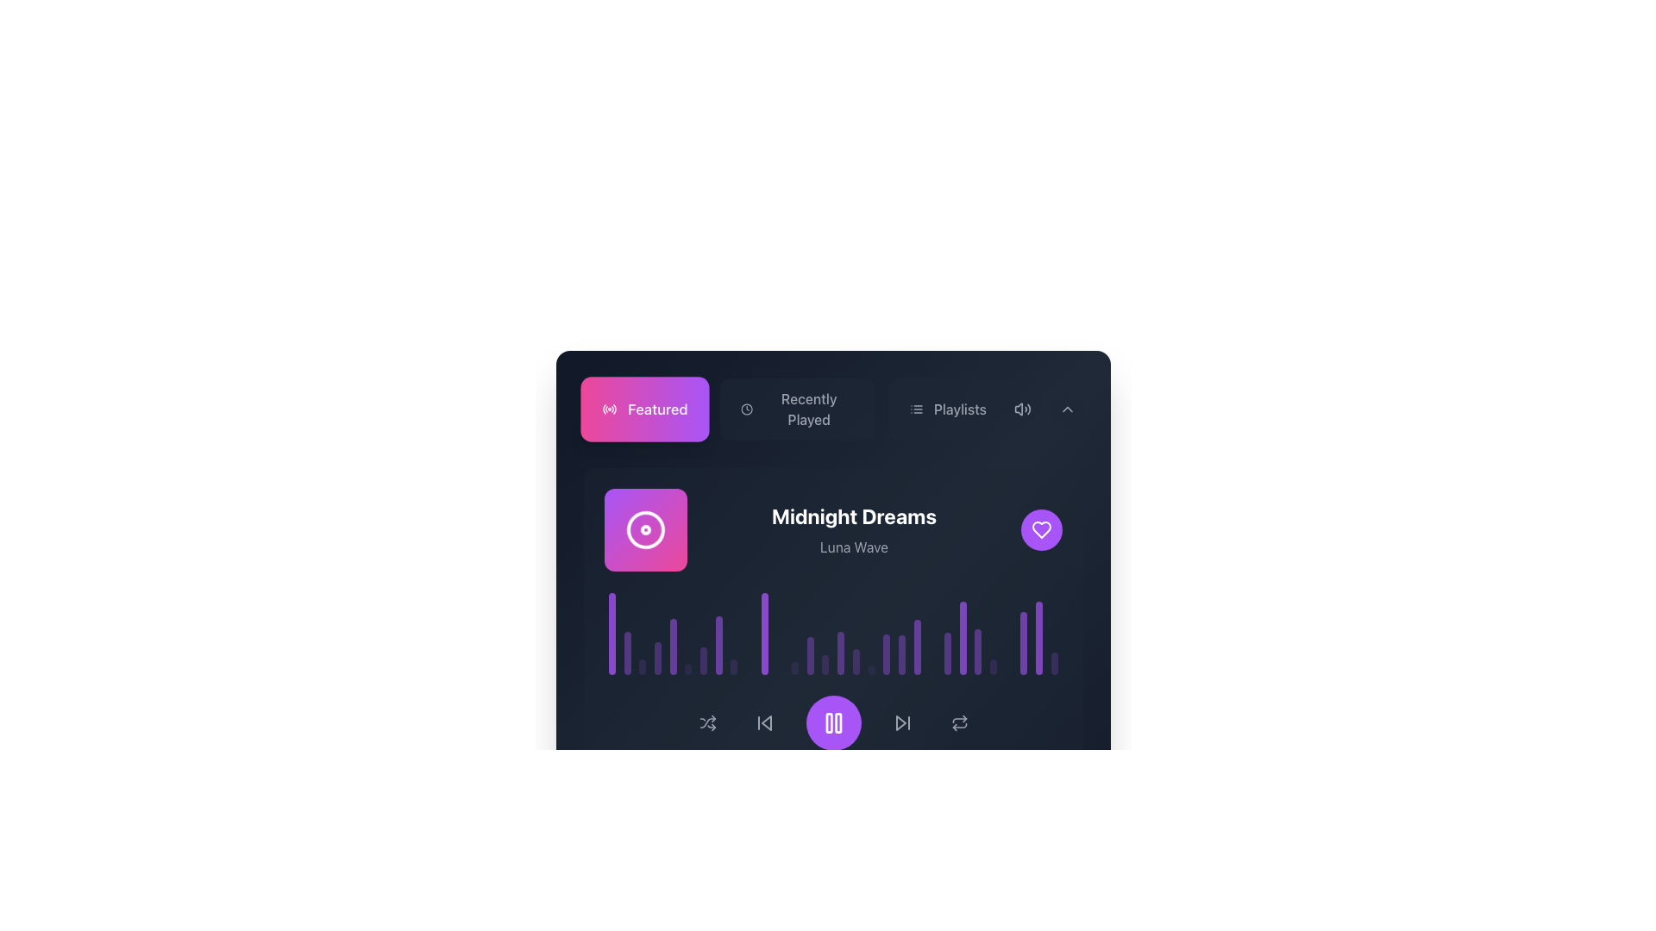 This screenshot has width=1656, height=931. I want to click on the 20th purple, rounded-edge bar of the audio equalizer located below the 'Midnight Dreams' section, so click(916, 647).